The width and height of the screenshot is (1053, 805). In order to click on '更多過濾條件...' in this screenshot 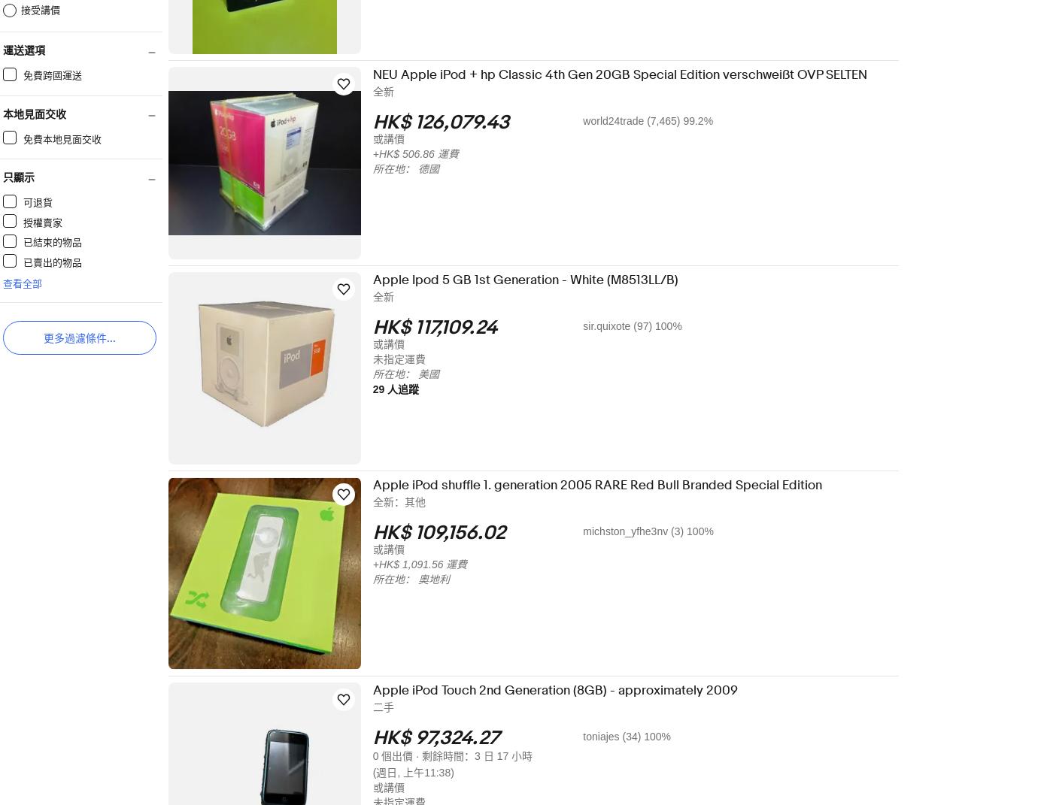, I will do `click(89, 338)`.